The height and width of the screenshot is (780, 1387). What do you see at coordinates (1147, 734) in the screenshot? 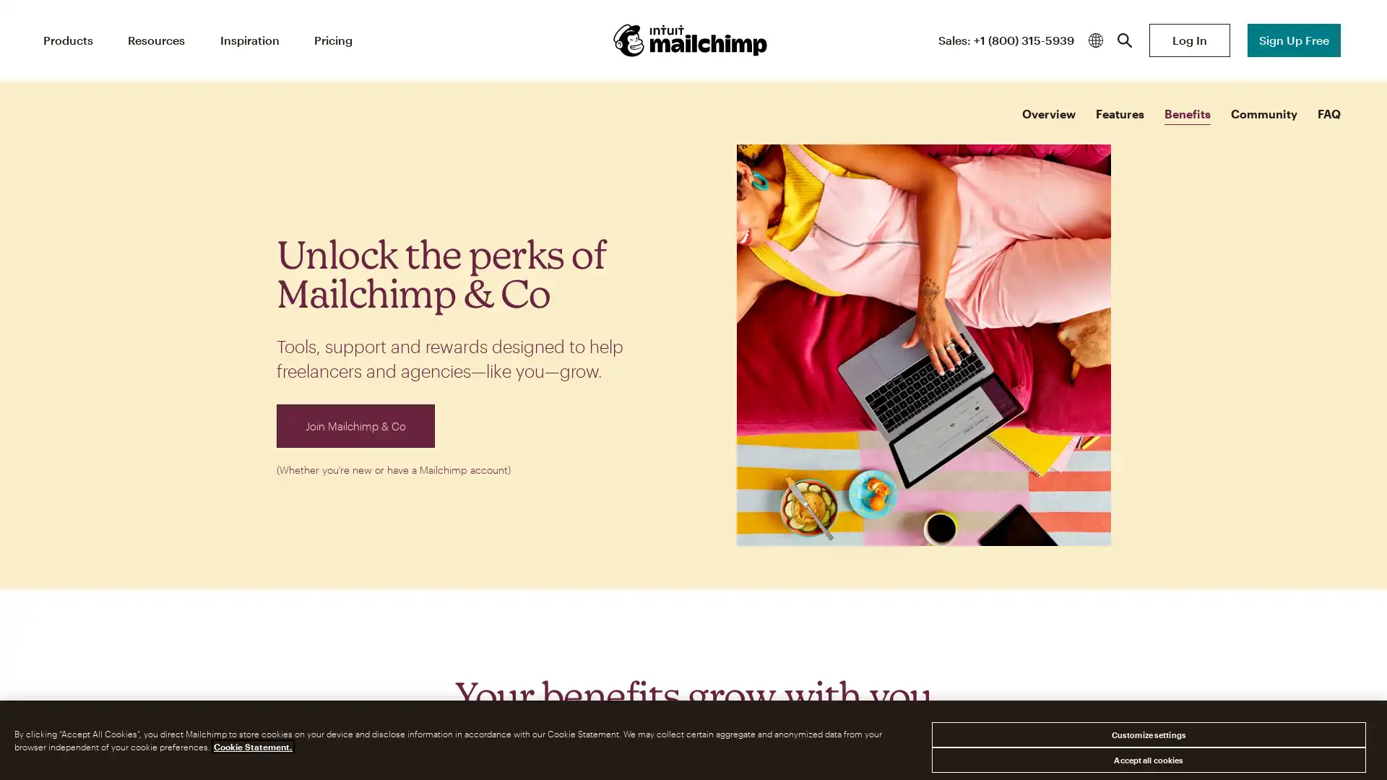
I see `Customize settings` at bounding box center [1147, 734].